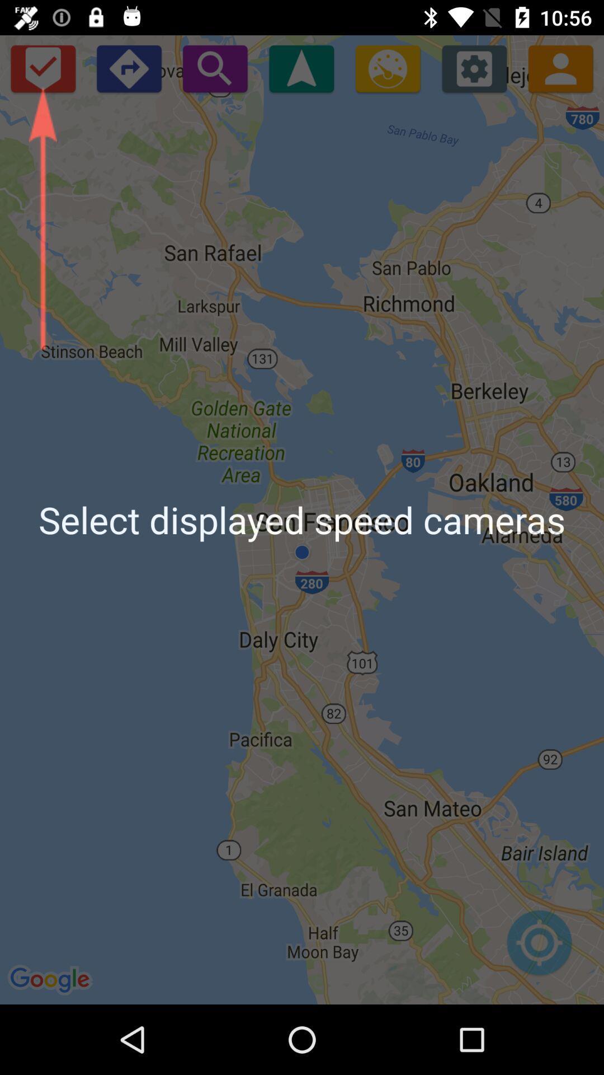  I want to click on icon below the select displayed speed item, so click(539, 948).